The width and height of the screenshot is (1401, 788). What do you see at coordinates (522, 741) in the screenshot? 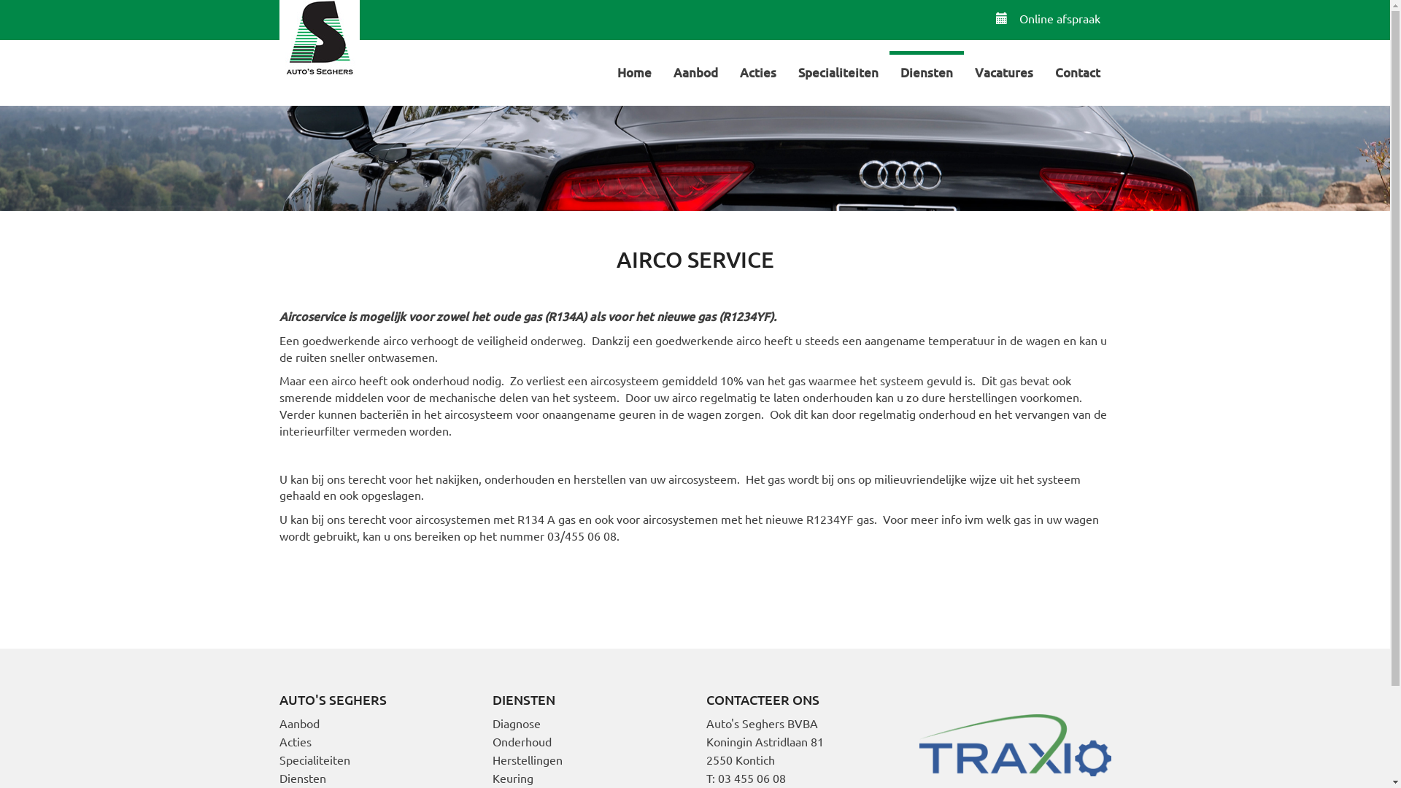
I see `'Onderhoud'` at bounding box center [522, 741].